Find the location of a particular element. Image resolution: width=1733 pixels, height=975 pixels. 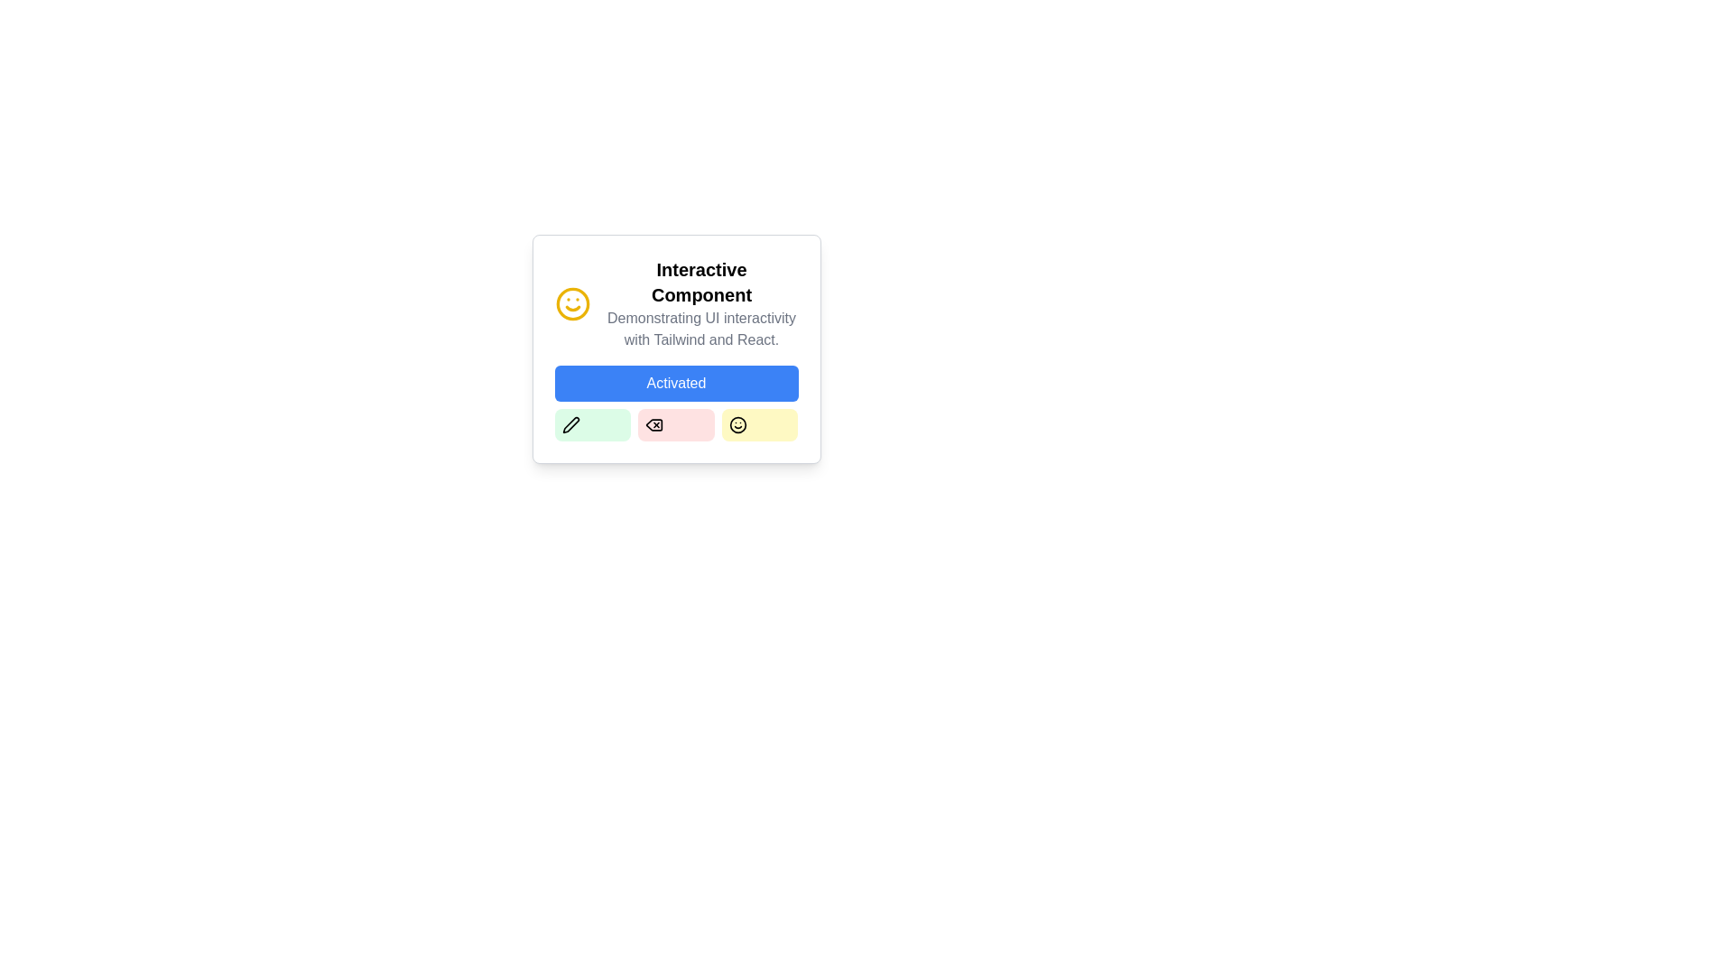

the trash icon button with a pink background and red border is located at coordinates (653, 424).